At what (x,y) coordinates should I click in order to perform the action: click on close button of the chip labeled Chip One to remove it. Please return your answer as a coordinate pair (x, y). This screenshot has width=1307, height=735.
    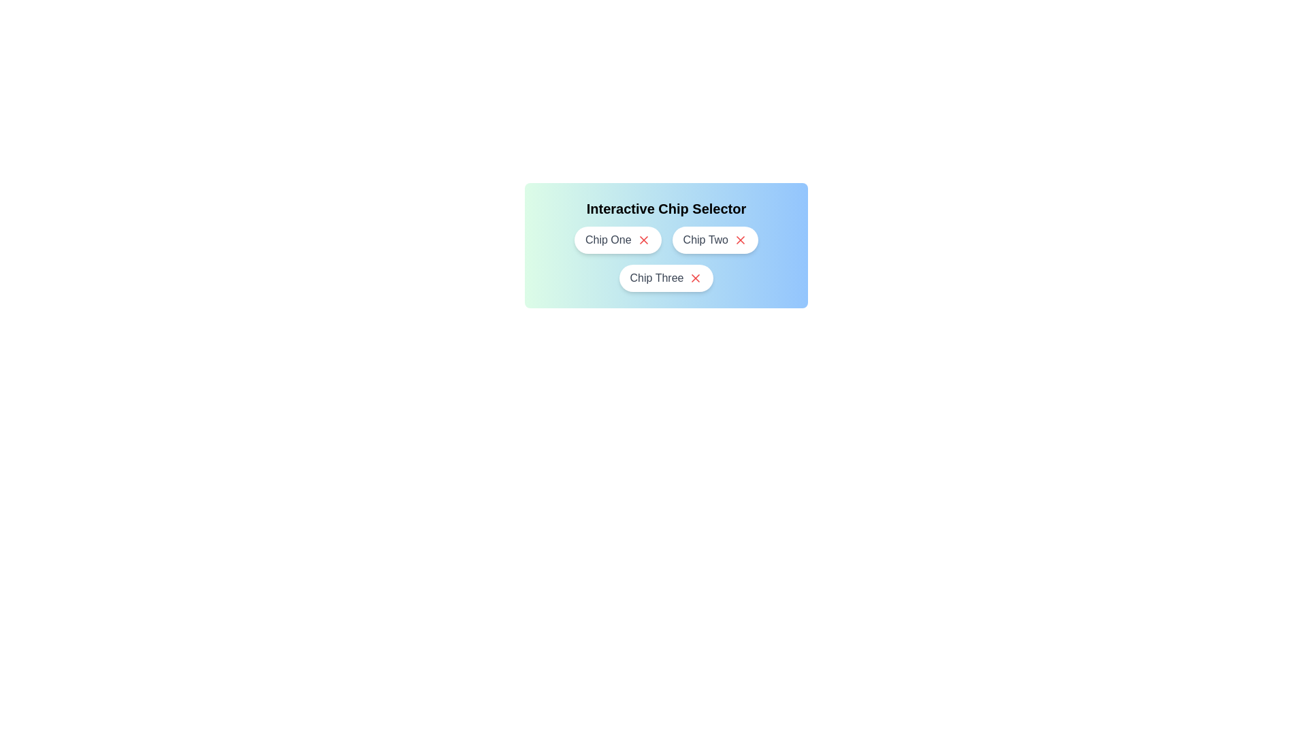
    Looking at the image, I should click on (643, 240).